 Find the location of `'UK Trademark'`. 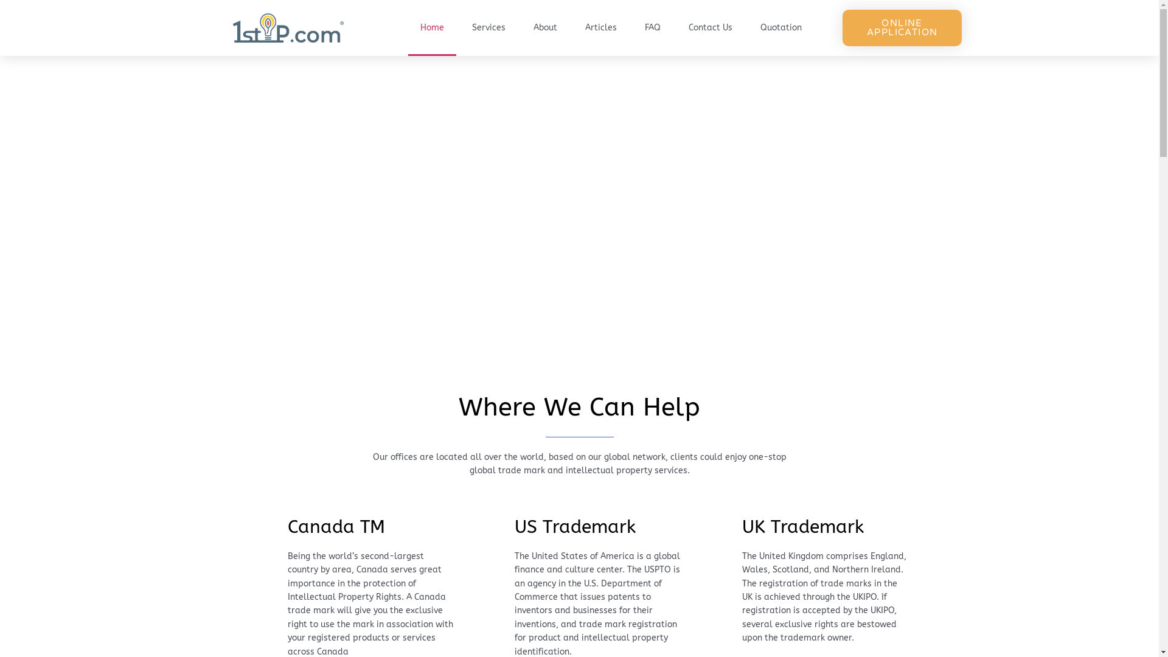

'UK Trademark' is located at coordinates (803, 526).